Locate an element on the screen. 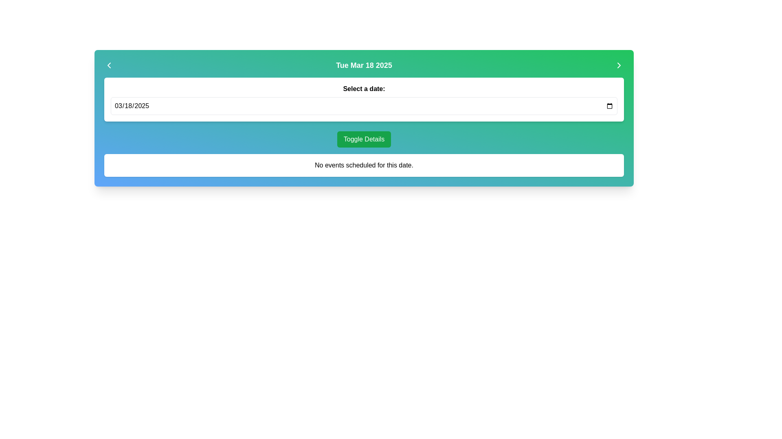 This screenshot has width=782, height=439. the Date input field located below the title 'Select a date:', allowing the user to edit the date directly via keyboard navigation is located at coordinates (363, 106).